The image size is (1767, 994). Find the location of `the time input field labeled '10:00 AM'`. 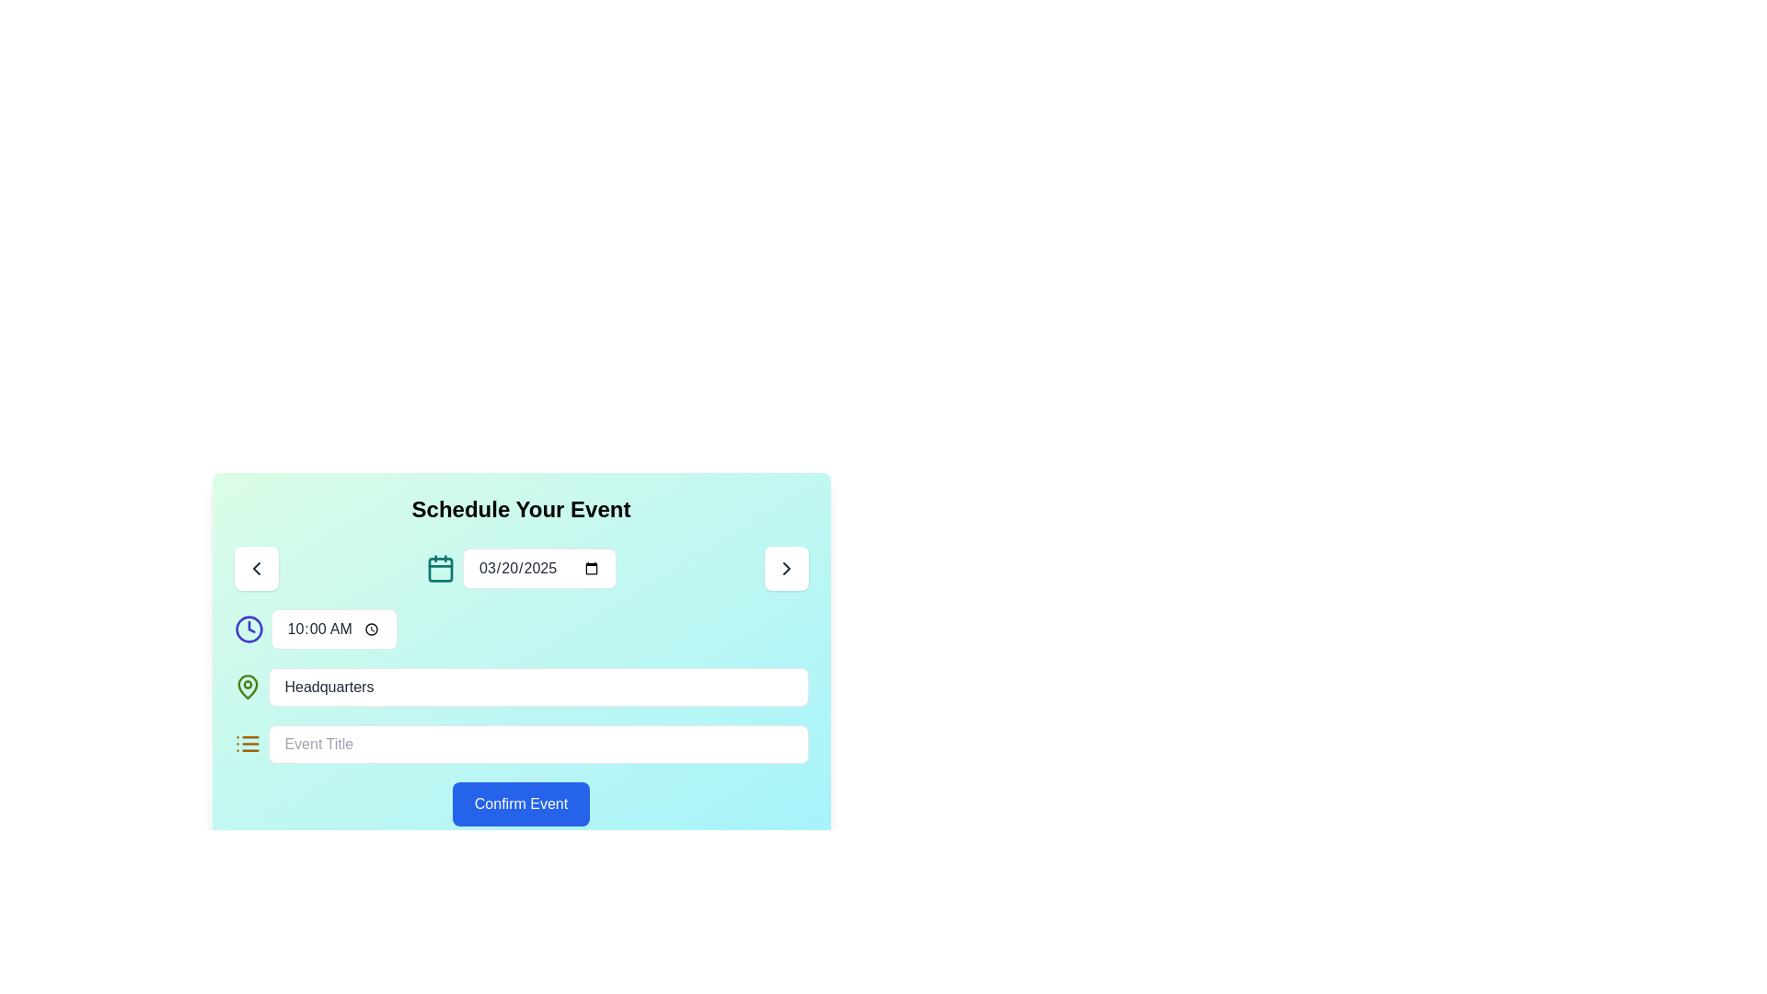

the time input field labeled '10:00 AM' is located at coordinates (334, 628).